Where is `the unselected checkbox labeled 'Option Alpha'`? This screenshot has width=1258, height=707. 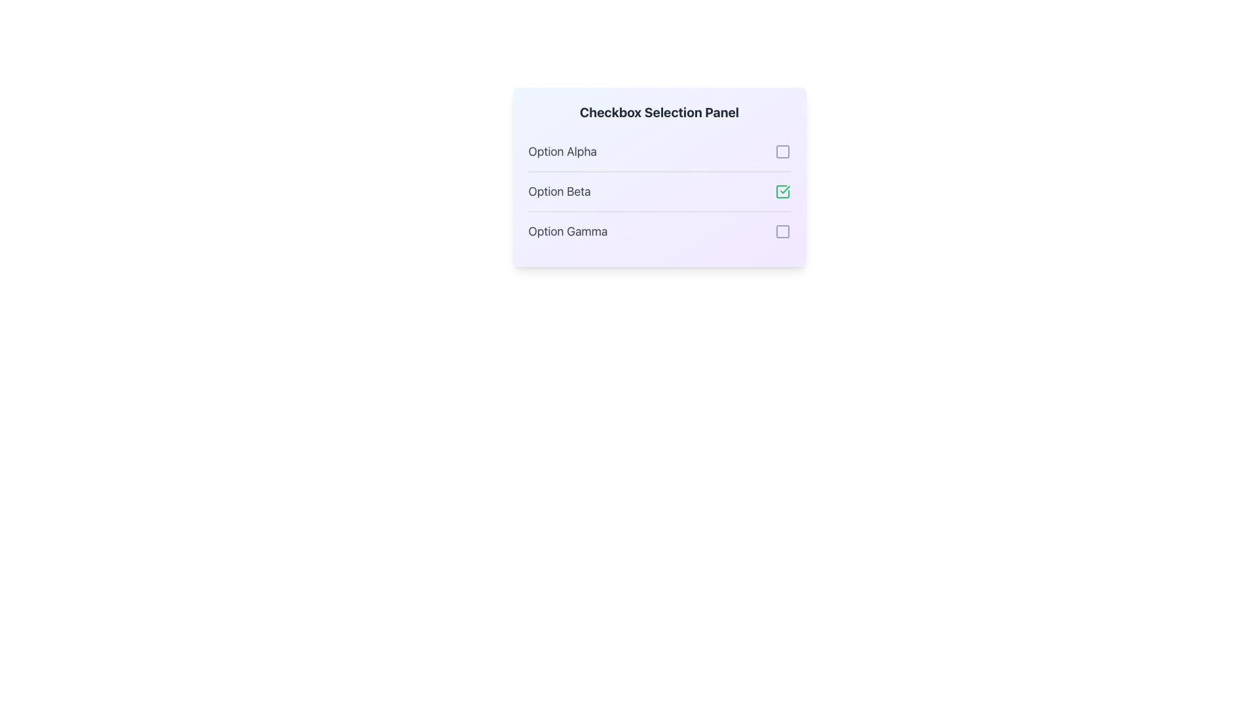 the unselected checkbox labeled 'Option Alpha' is located at coordinates (659, 151).